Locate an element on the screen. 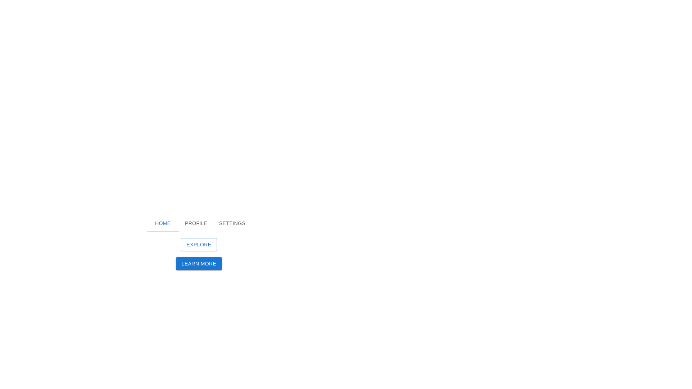 This screenshot has width=692, height=389. the 'PROFILE' tab button, which is the second tab in the horizontal tab list is located at coordinates (196, 223).